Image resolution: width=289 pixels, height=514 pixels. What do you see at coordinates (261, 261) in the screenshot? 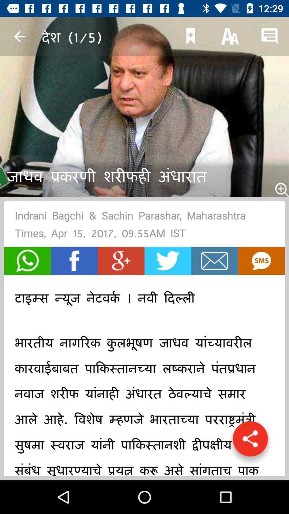
I see `share via text button` at bounding box center [261, 261].